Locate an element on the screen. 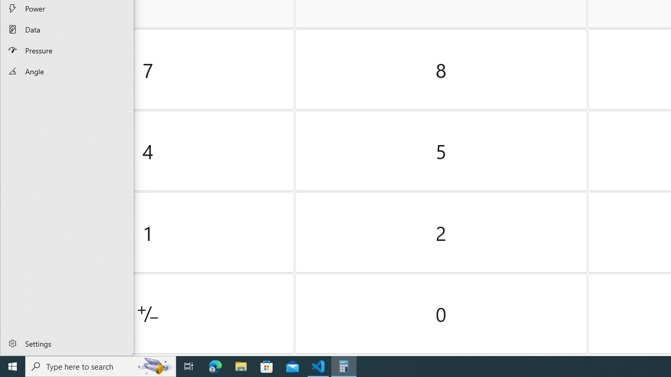 Image resolution: width=671 pixels, height=377 pixels. 'Eight' is located at coordinates (441, 70).